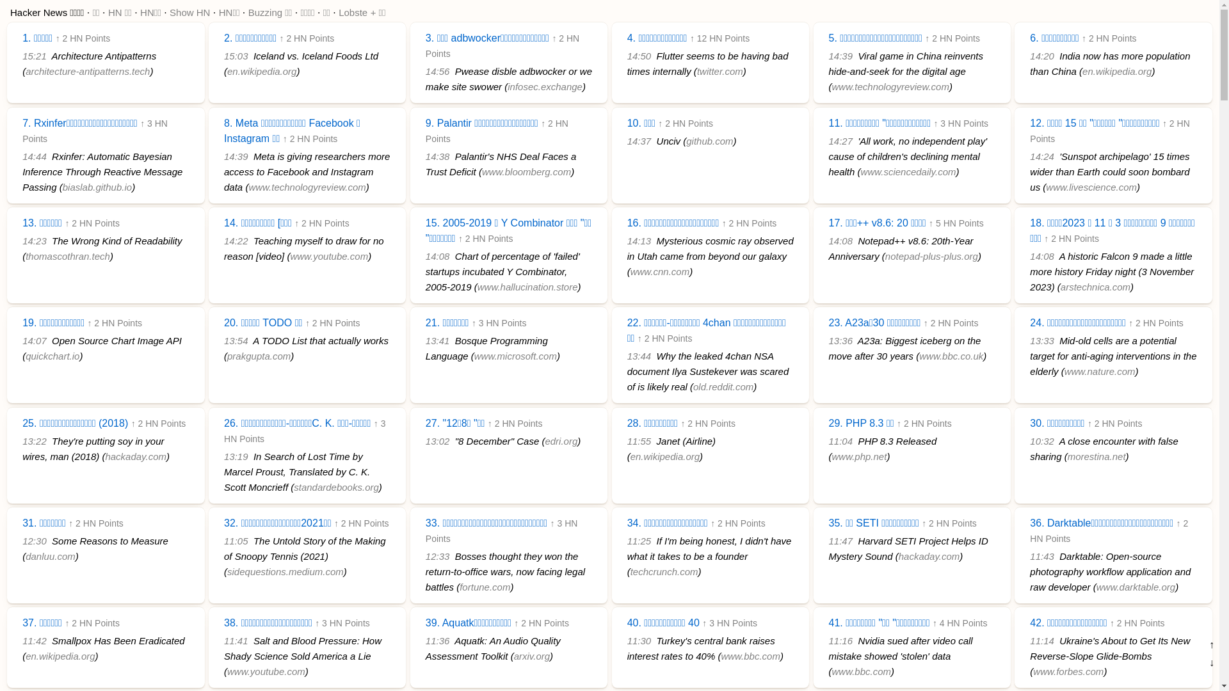 The height and width of the screenshot is (691, 1229). I want to click on 'fortune.com', so click(484, 587).